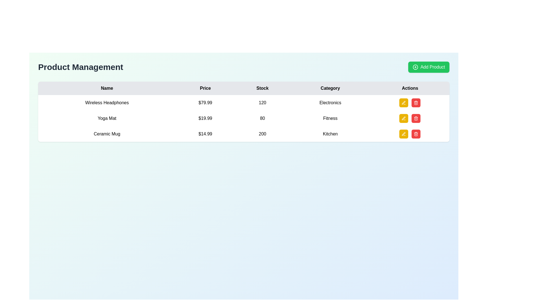  I want to click on the price text element that displays the cost of the product 'Wireless Headphones' in the second column of the first data row under the 'Price' header, so click(205, 103).